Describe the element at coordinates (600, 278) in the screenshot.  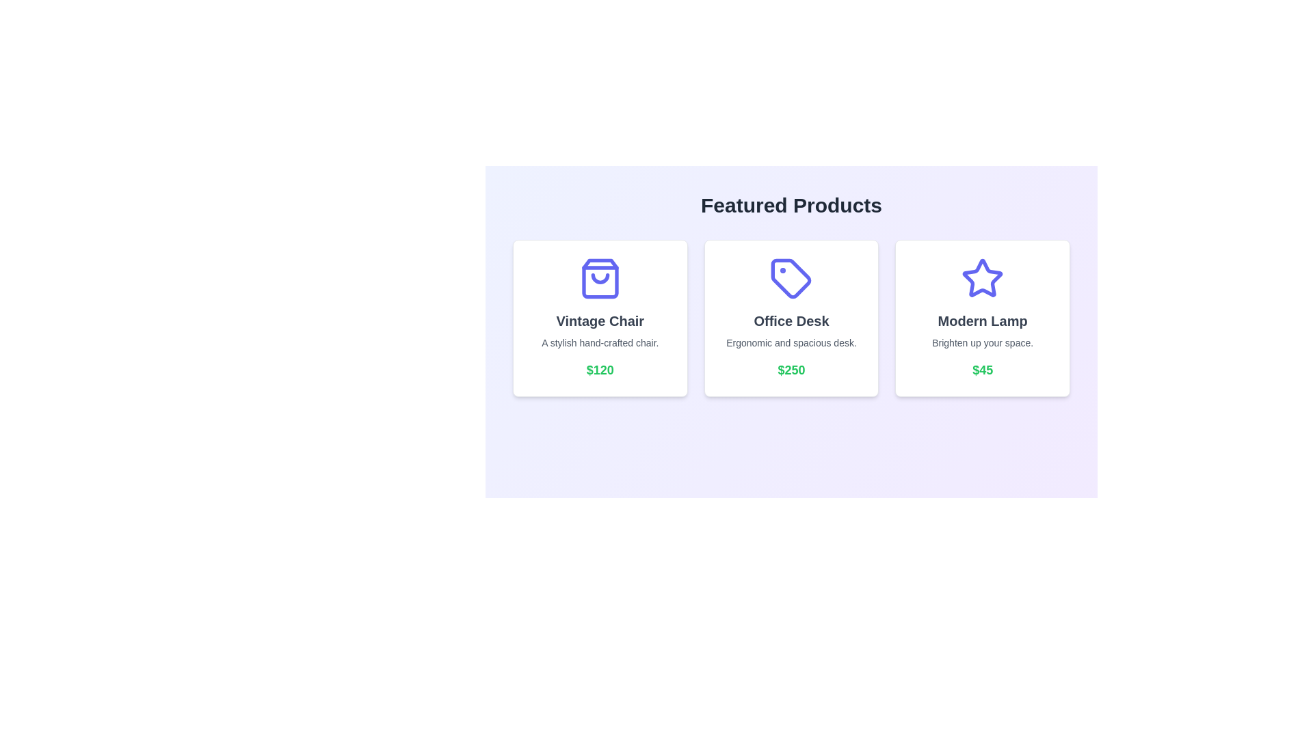
I see `the shopping bag icon, which is stylized with indigo-blue strokes and is located at the top center of the 'Vintage Chair' card, directly above its title text` at that location.